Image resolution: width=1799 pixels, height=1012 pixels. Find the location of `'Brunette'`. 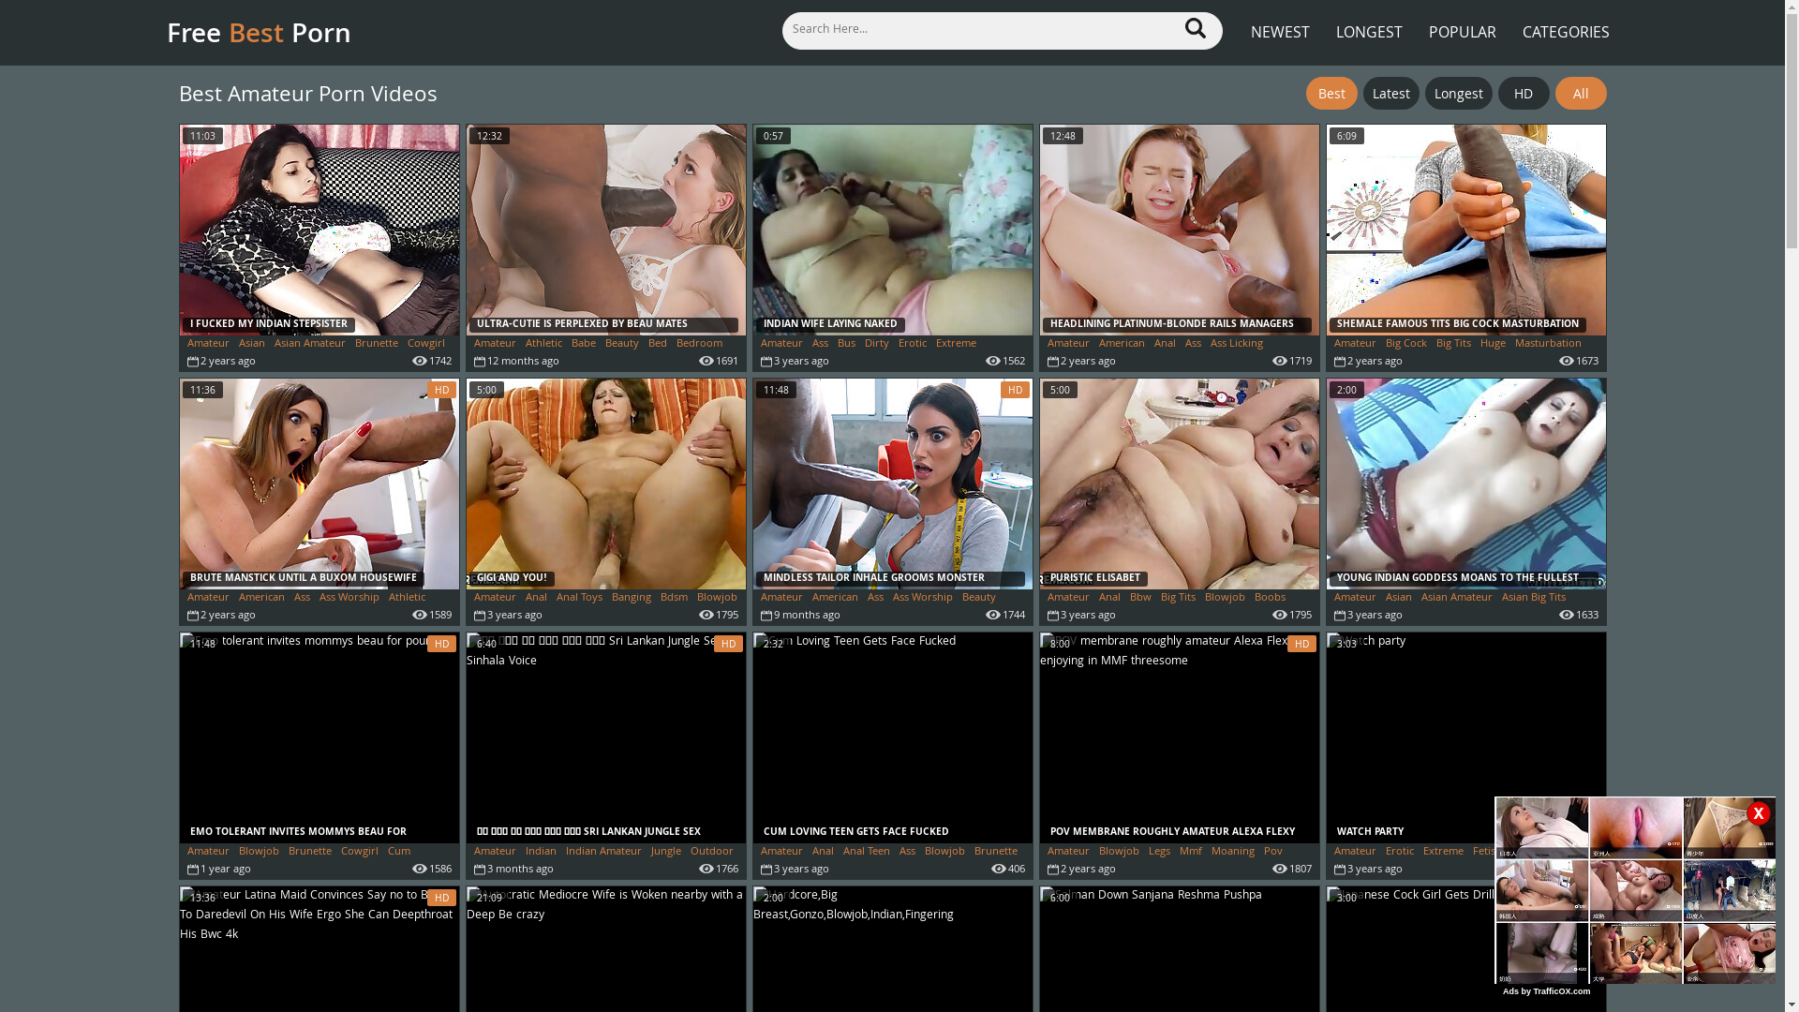

'Brunette' is located at coordinates (994, 852).